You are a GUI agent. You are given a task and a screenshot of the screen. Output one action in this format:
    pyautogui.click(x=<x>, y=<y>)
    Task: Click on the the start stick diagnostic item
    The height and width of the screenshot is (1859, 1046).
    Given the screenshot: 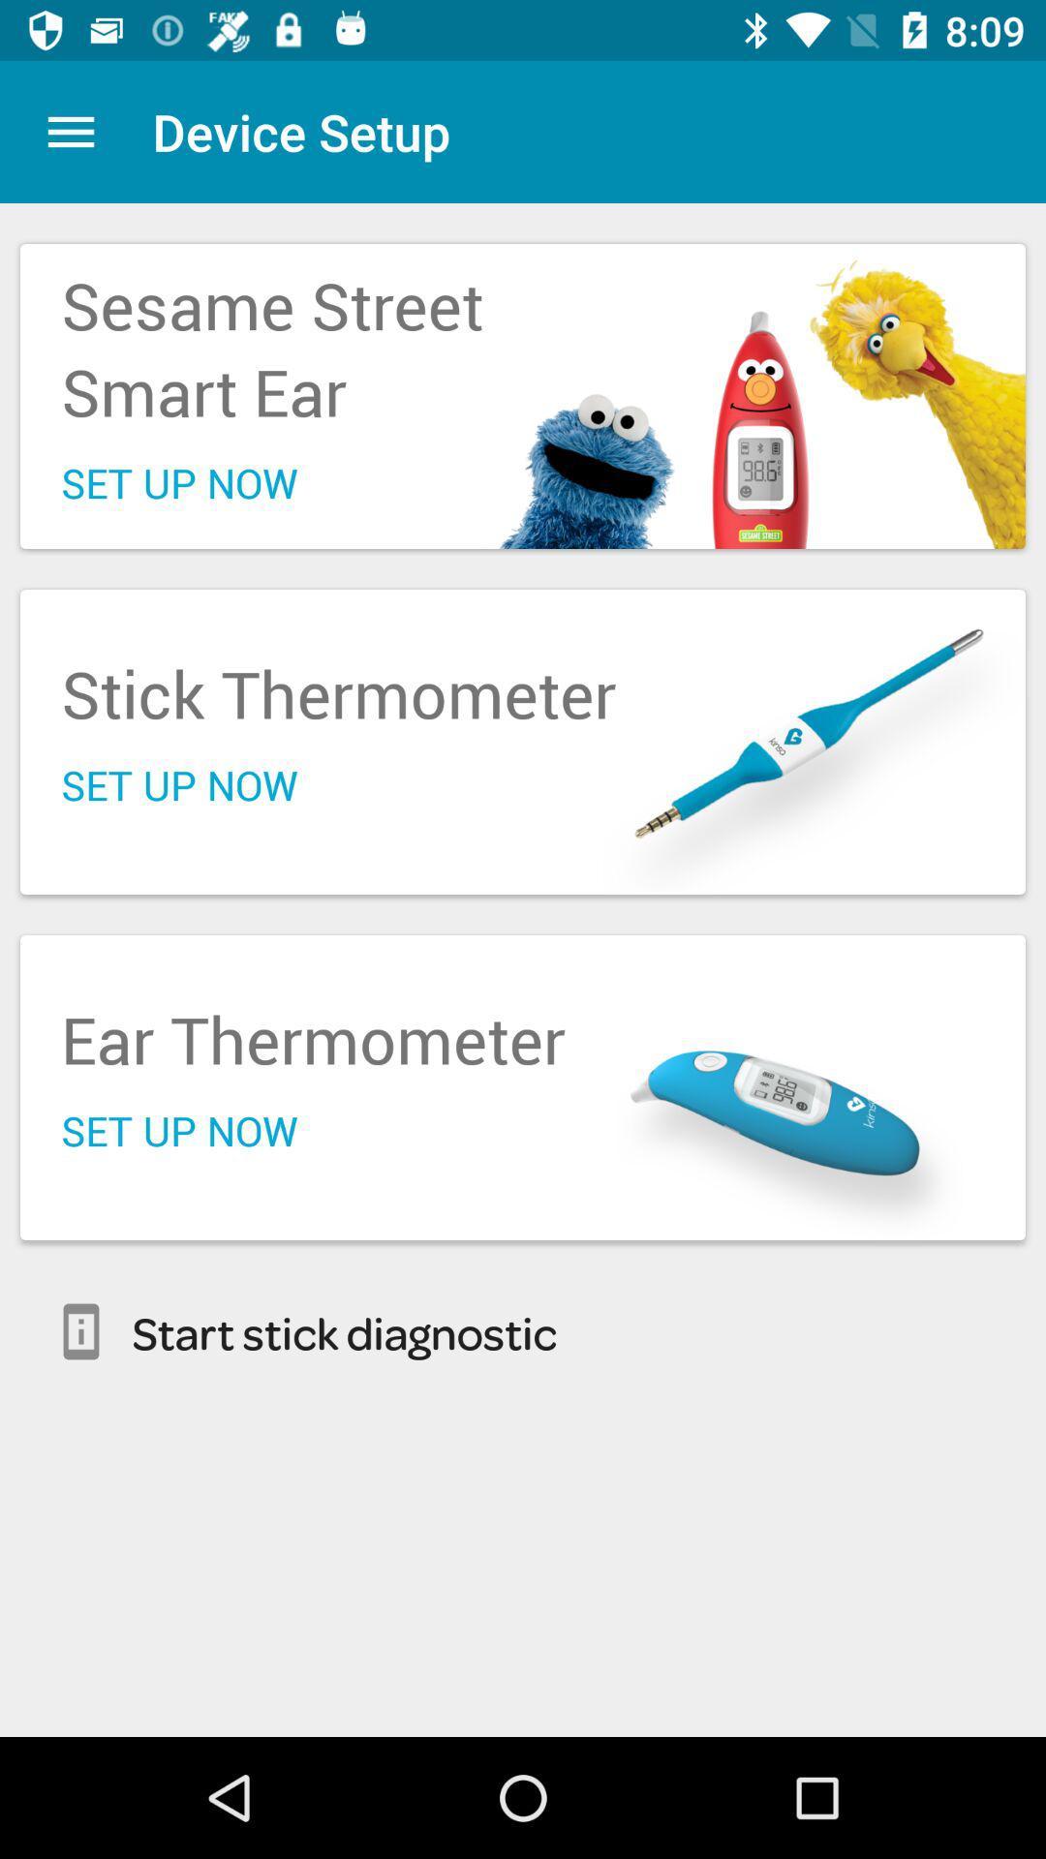 What is the action you would take?
    pyautogui.click(x=523, y=1330)
    